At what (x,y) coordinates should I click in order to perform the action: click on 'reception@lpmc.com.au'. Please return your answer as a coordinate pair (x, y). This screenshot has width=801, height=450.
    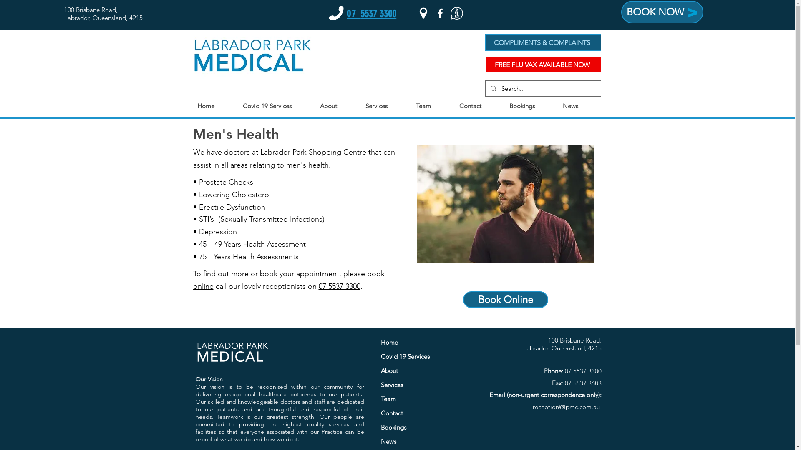
    Looking at the image, I should click on (532, 406).